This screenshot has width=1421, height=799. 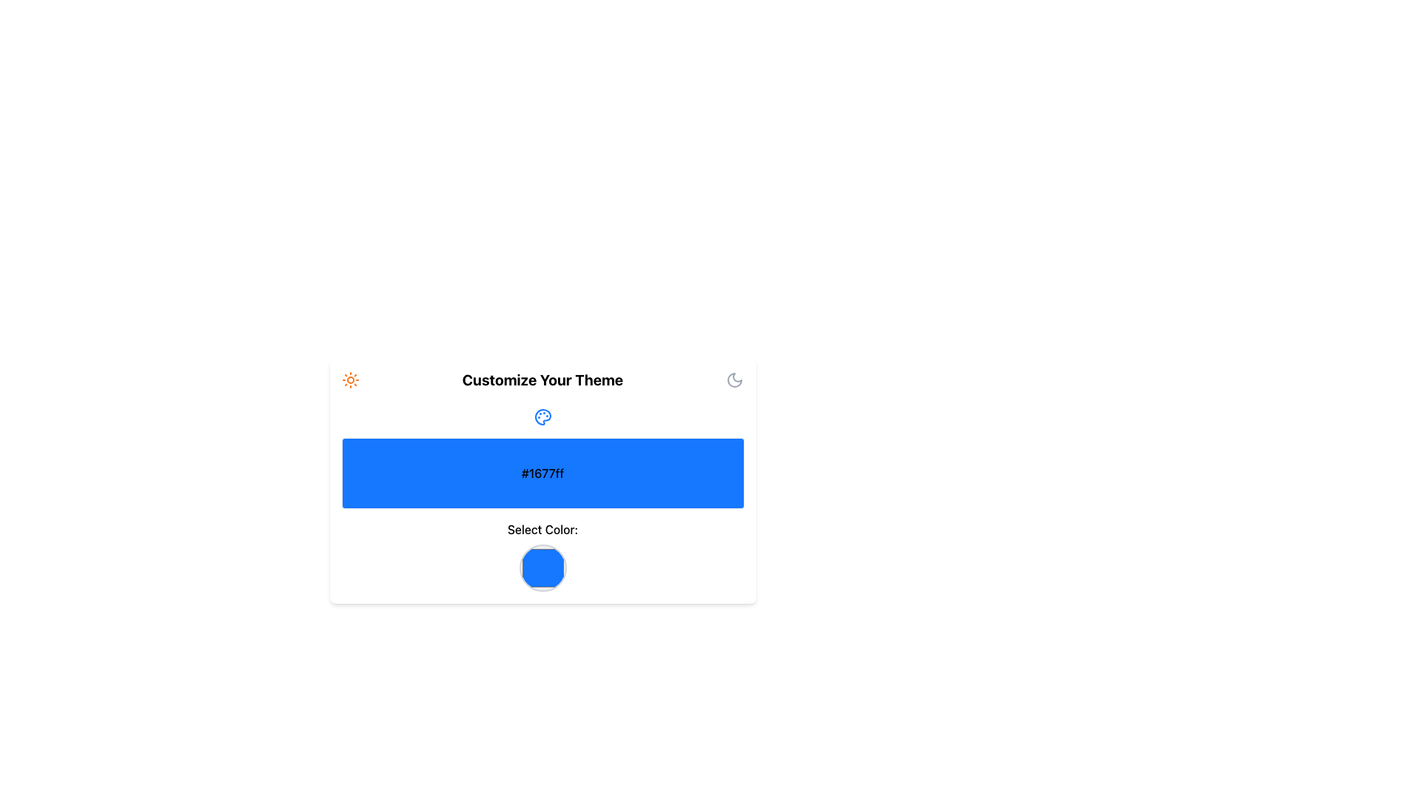 What do you see at coordinates (542, 417) in the screenshot?
I see `the circular palette icon with multiple small dots and a curved line, styled in blue, located centrally at the top of the modal section titled 'Customize Your Theme'` at bounding box center [542, 417].